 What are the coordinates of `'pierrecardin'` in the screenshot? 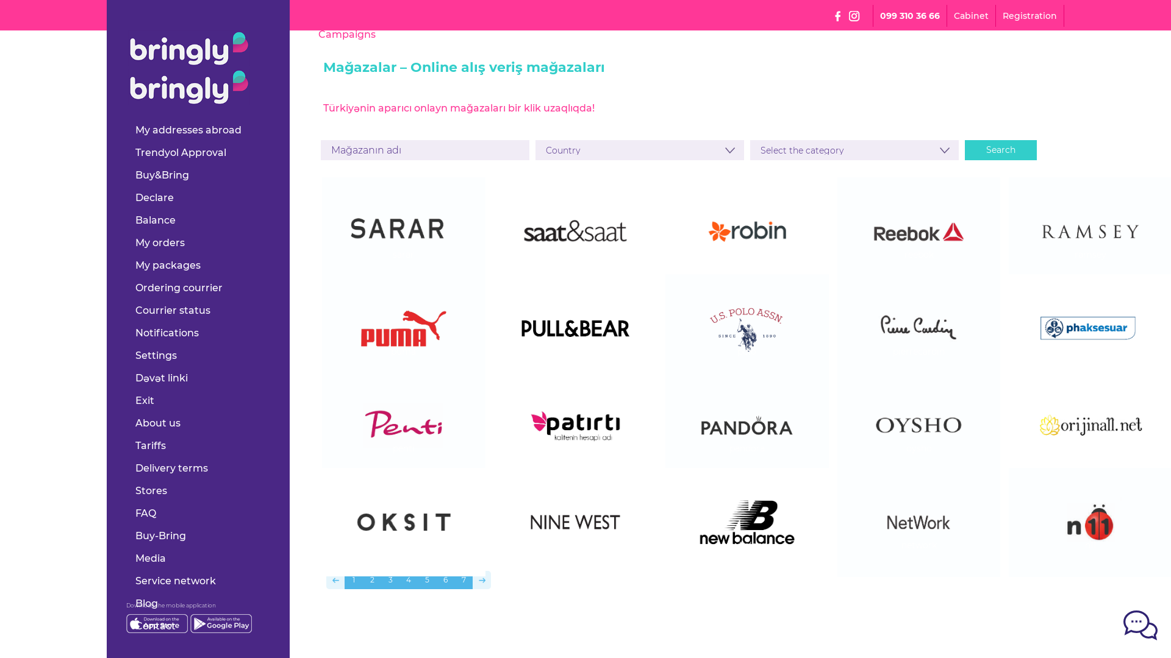 It's located at (919, 352).